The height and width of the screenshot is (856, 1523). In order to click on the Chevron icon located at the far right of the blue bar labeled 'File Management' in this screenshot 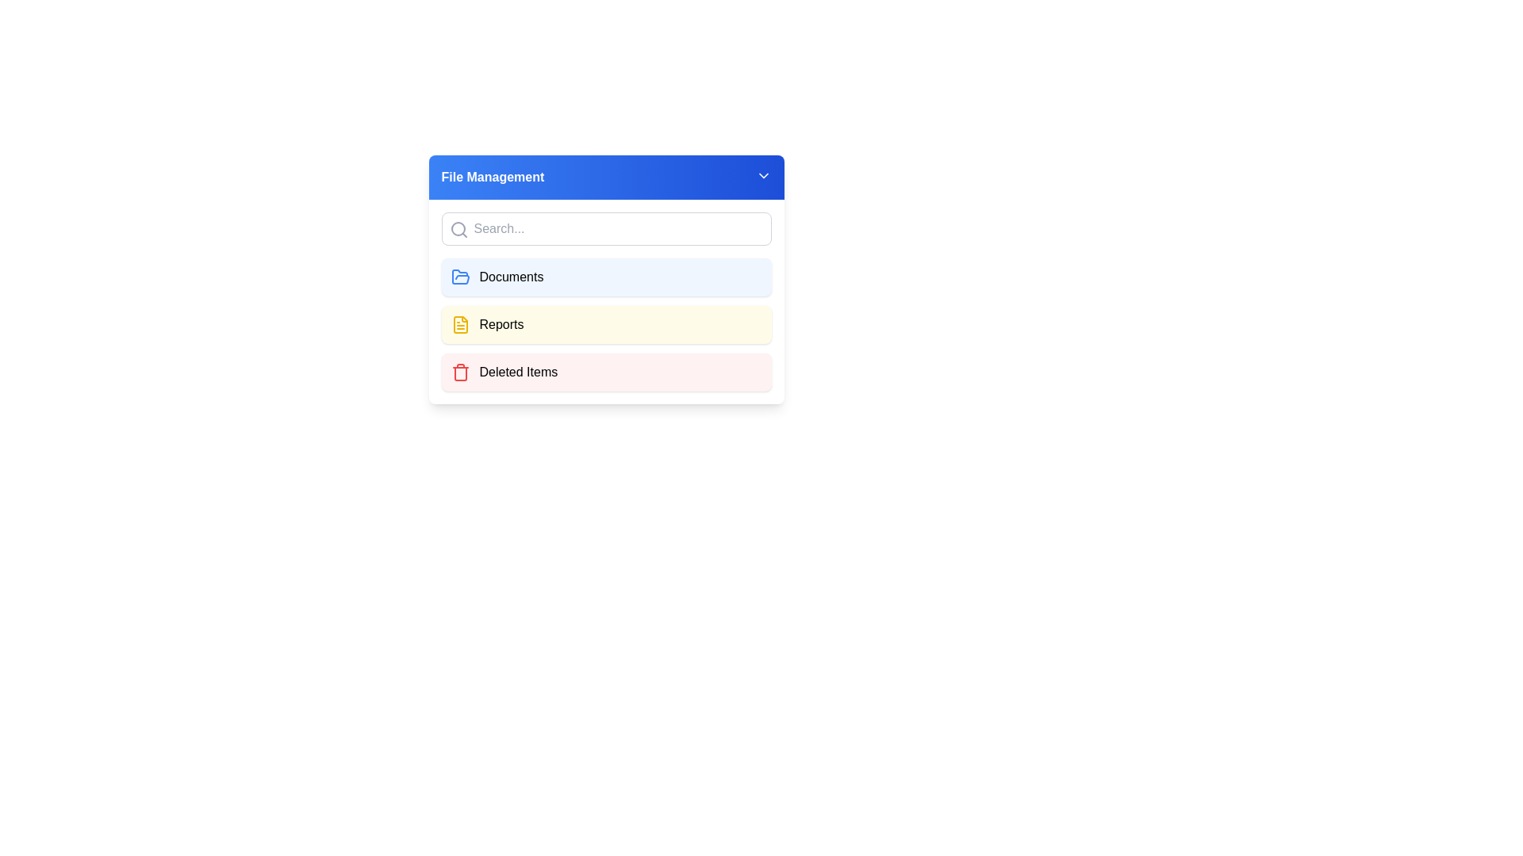, I will do `click(763, 176)`.